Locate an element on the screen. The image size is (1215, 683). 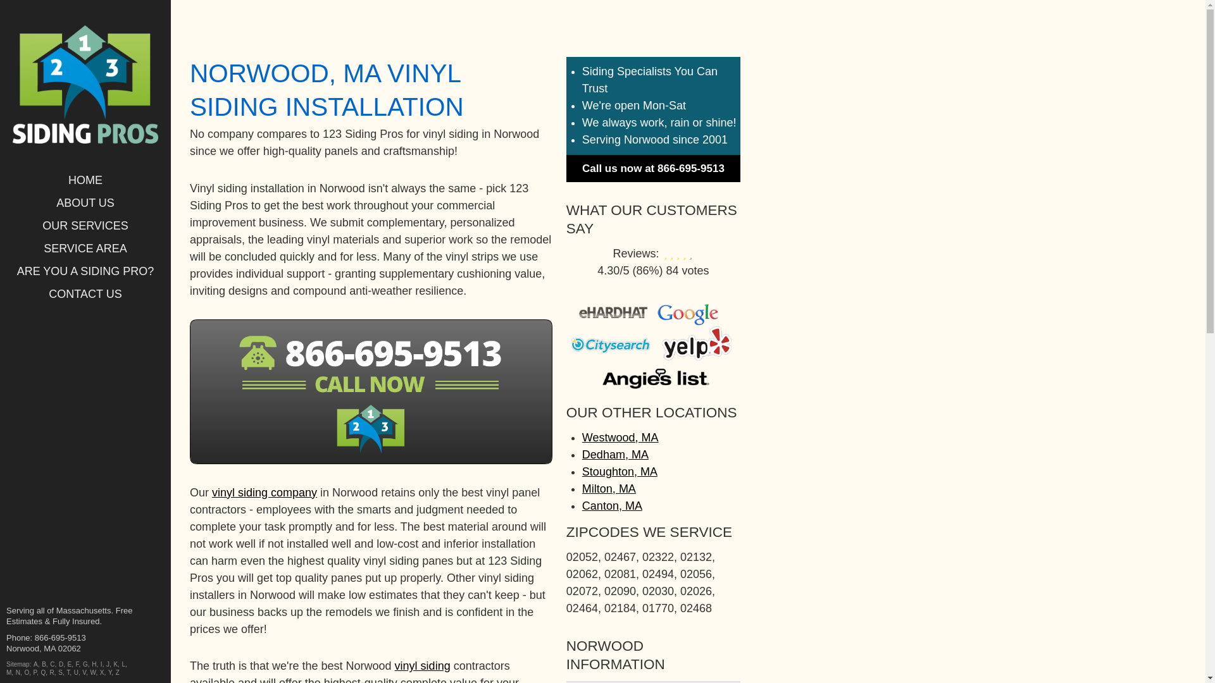
'vinyl siding' is located at coordinates (422, 665).